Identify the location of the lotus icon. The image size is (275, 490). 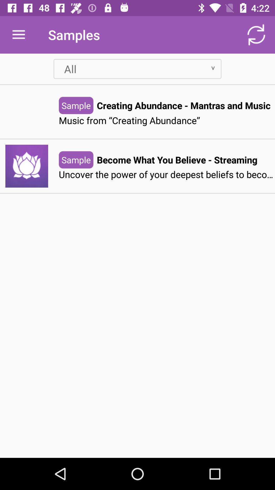
(26, 166).